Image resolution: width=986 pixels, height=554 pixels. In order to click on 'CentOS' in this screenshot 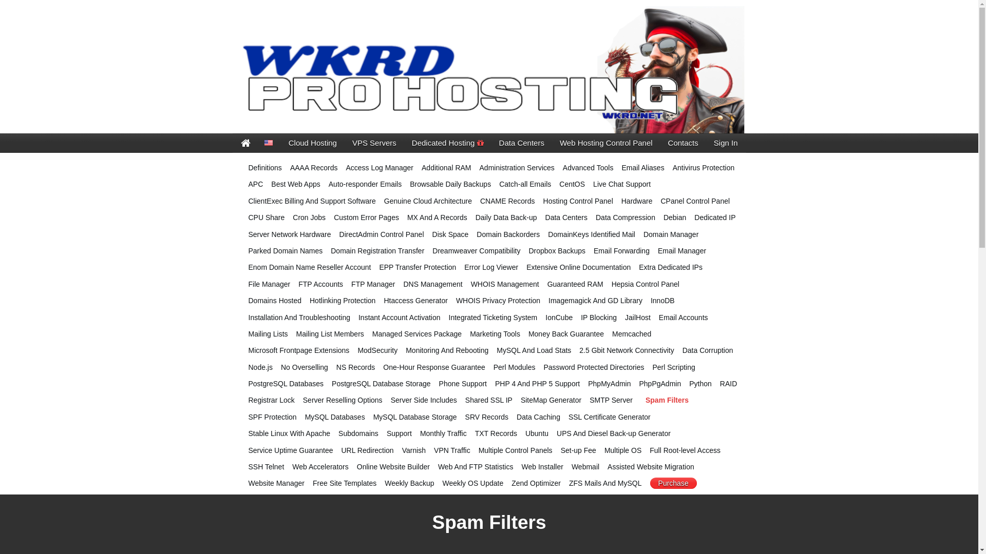, I will do `click(571, 183)`.